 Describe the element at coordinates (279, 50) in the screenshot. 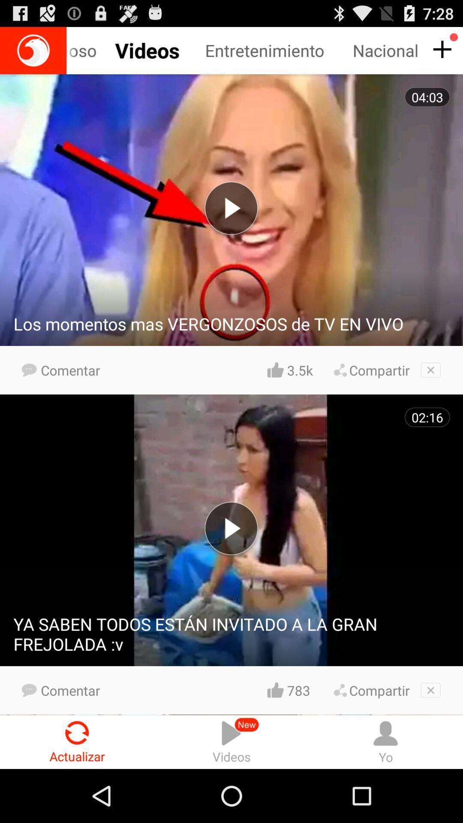

I see `icon to the left of the nacional app` at that location.